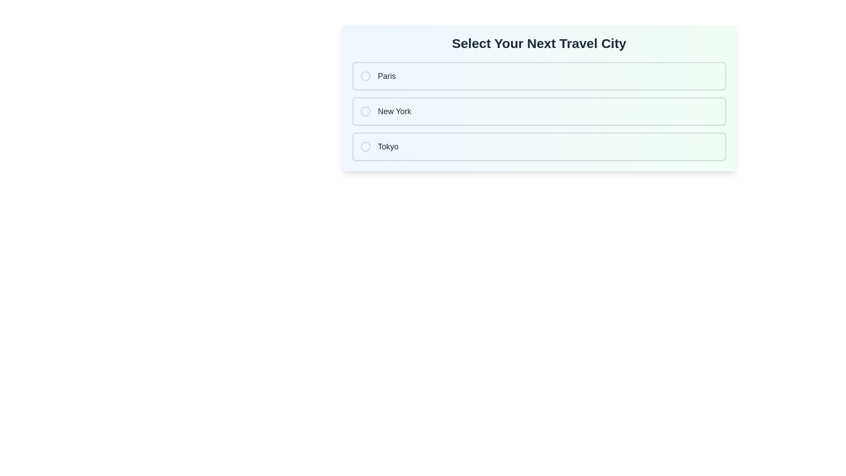 This screenshot has width=846, height=476. I want to click on to select the 'Paris' radio button option, which is the first in a group of three options labeled 'Paris', 'New York', and 'Tokyo', located in the 'Select Your Next Travel City' section, so click(538, 76).